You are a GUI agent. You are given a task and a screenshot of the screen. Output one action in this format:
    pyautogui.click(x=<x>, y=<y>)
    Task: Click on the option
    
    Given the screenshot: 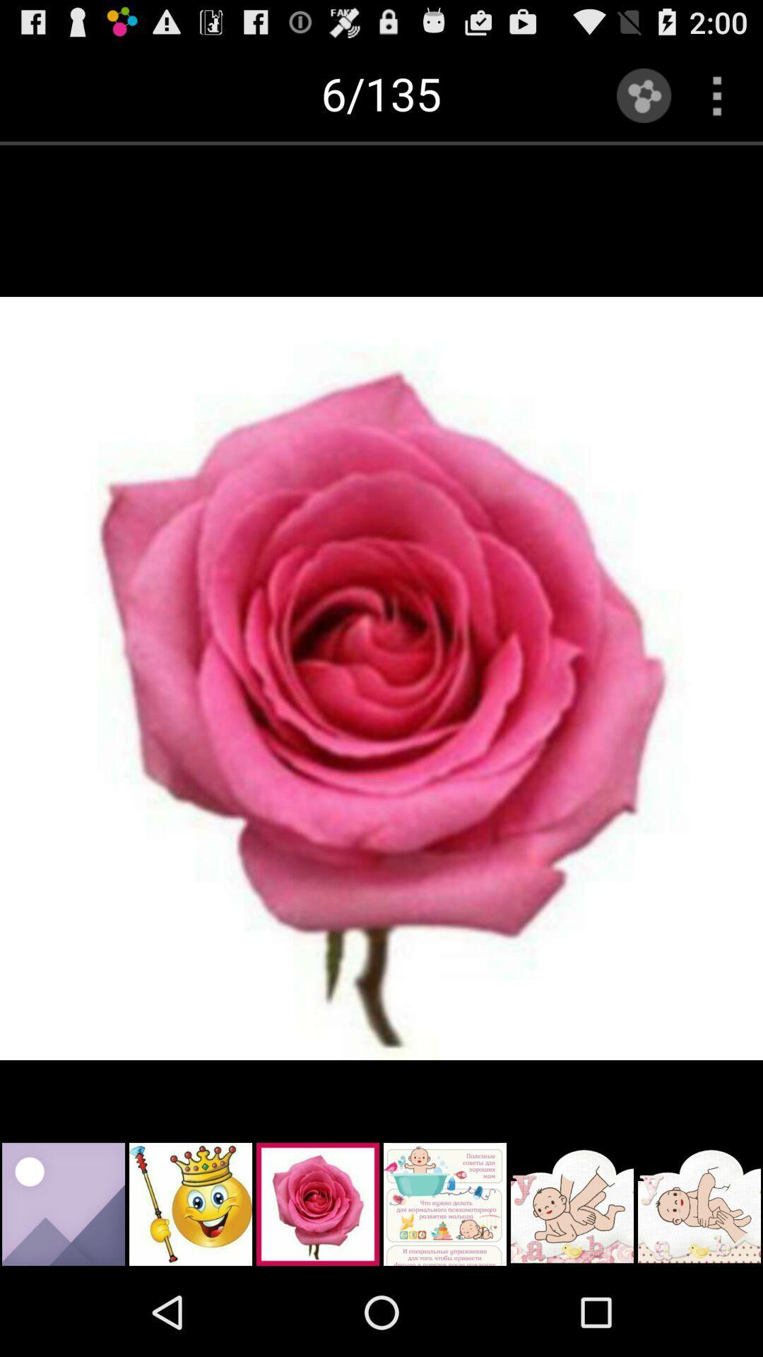 What is the action you would take?
    pyautogui.click(x=717, y=95)
    